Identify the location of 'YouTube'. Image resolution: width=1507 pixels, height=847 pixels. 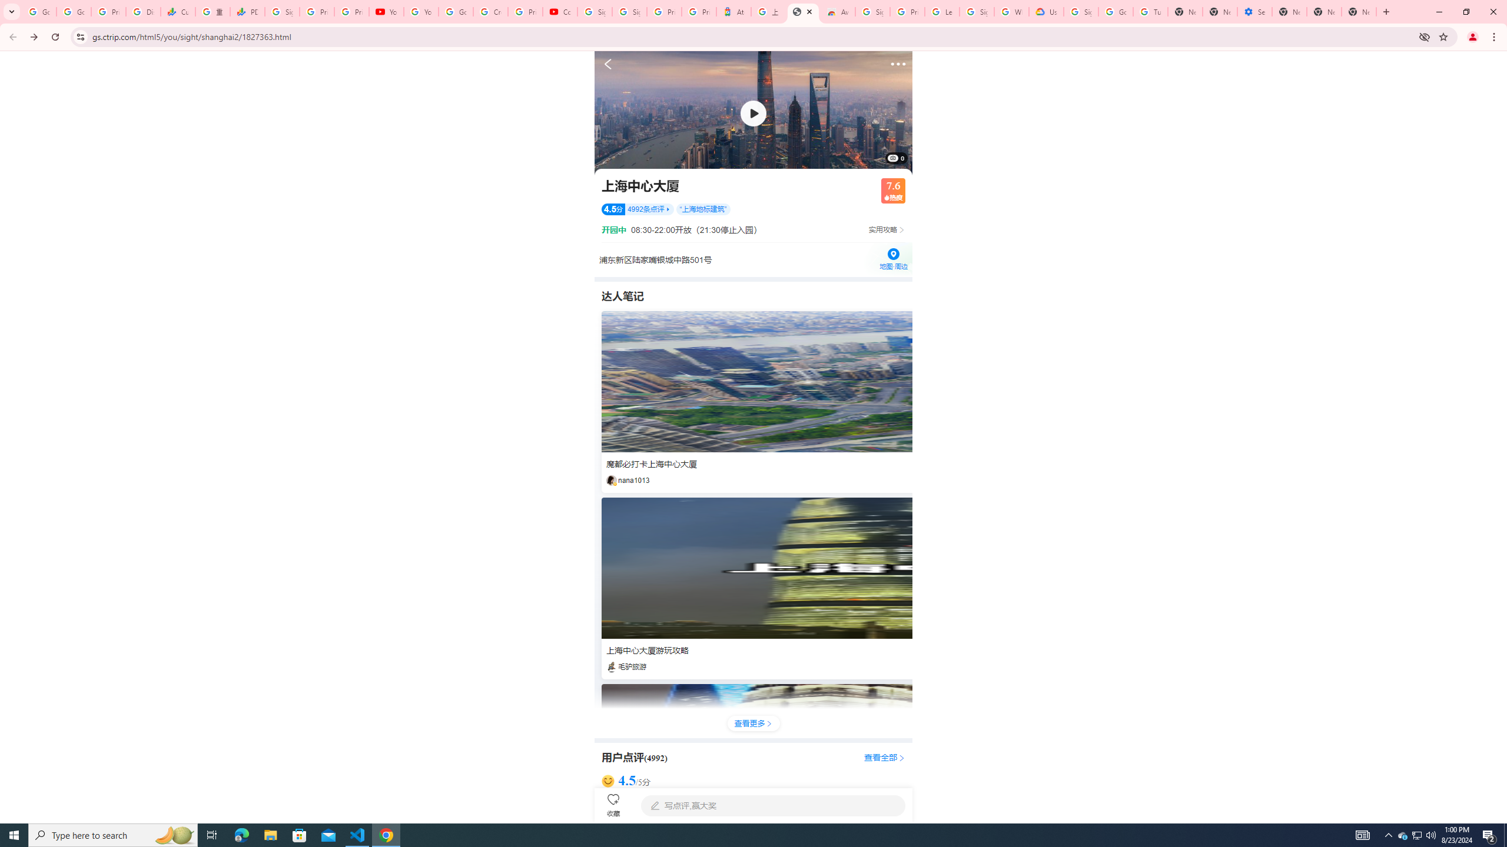
(420, 11).